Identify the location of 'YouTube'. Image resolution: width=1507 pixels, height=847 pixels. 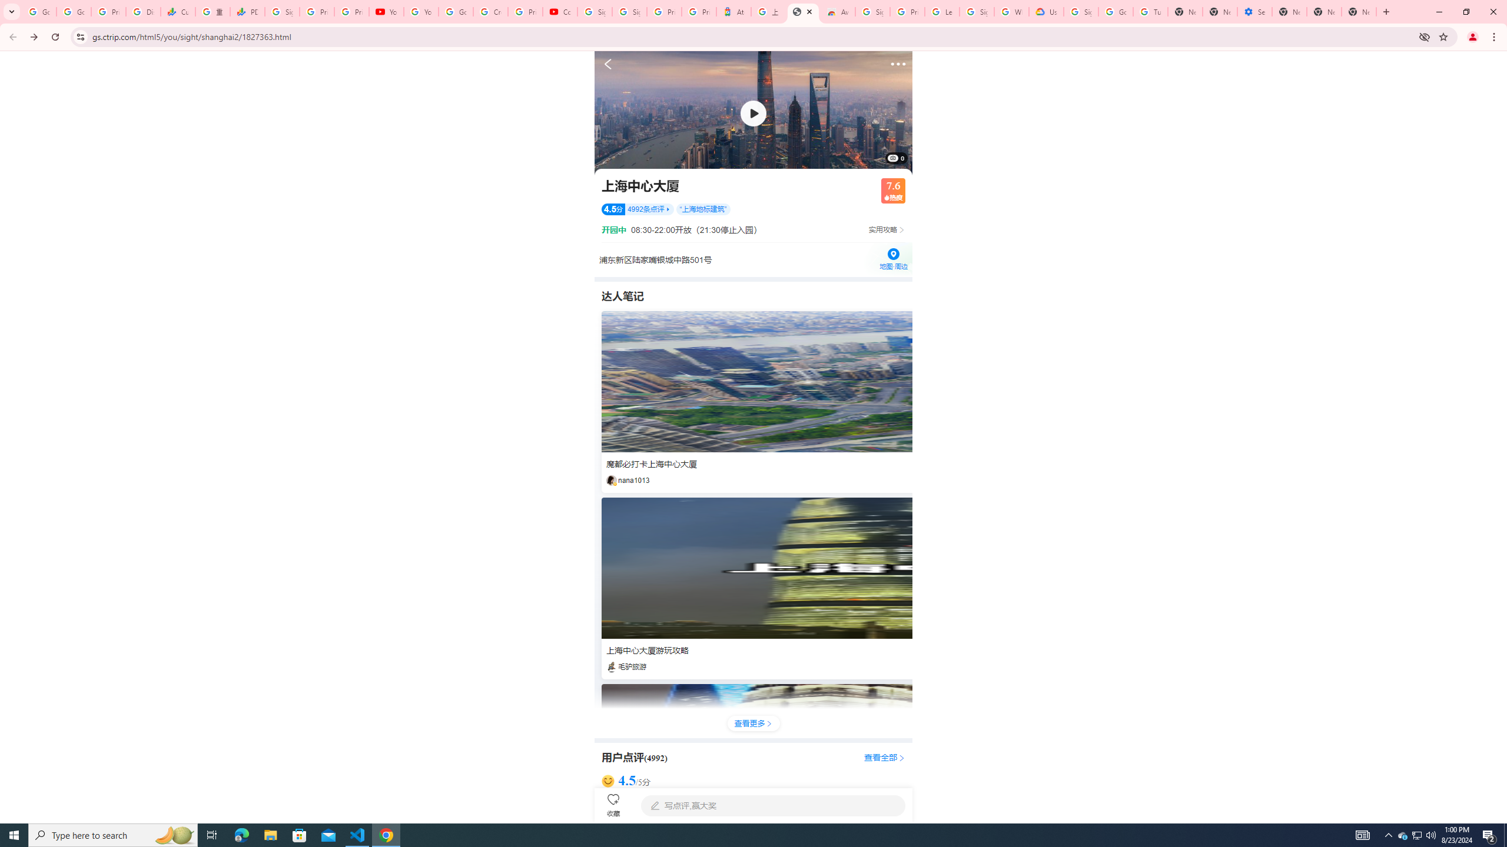
(420, 11).